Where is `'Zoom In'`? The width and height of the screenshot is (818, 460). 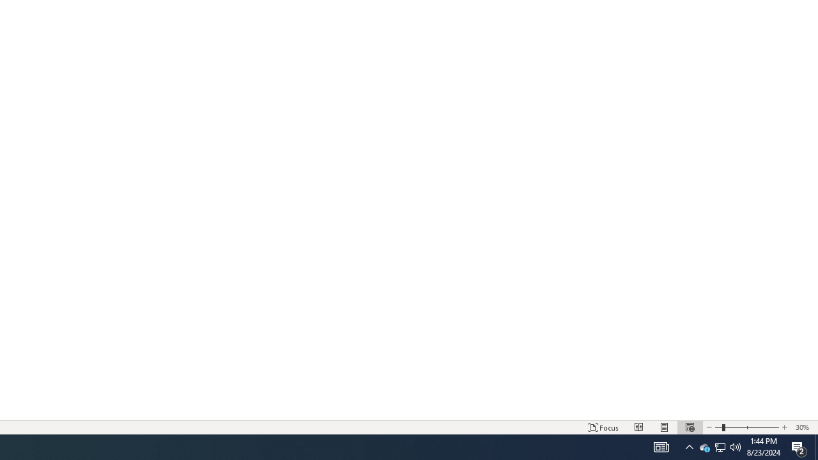
'Zoom In' is located at coordinates (783, 427).